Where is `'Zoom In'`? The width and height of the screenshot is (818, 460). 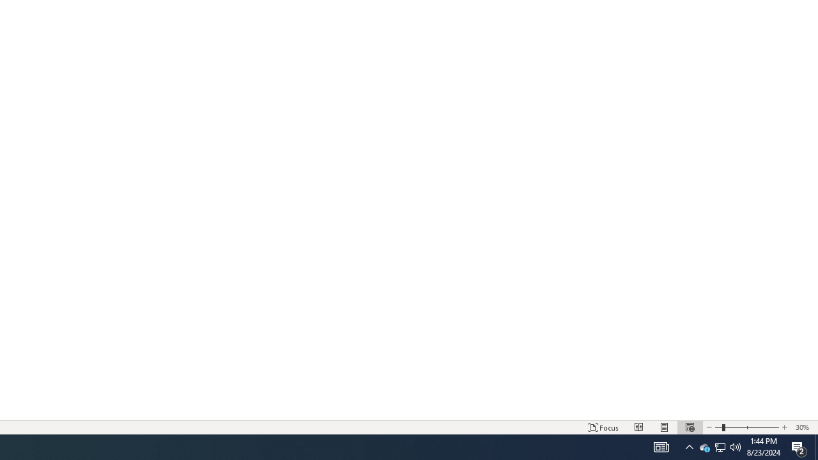
'Zoom In' is located at coordinates (783, 427).